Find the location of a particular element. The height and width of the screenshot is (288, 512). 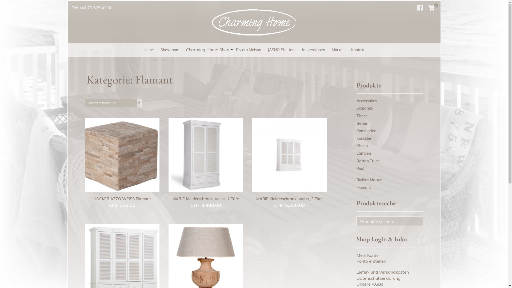

'Betten' is located at coordinates (362, 123).